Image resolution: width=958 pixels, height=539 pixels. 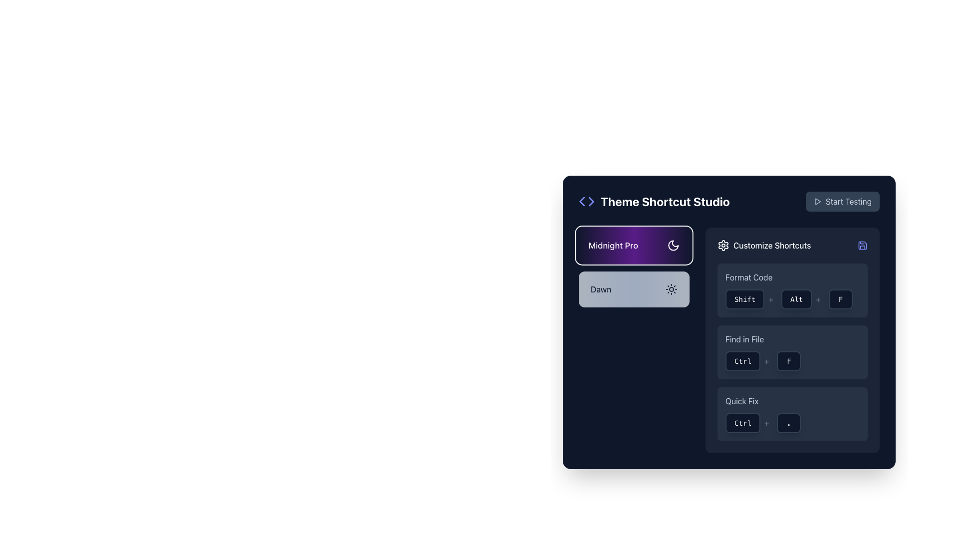 I want to click on the triangular play icon located in the interactive controls section of the interface, which is styled with a transparent fill and outlined with a thin stroke, so click(x=818, y=202).